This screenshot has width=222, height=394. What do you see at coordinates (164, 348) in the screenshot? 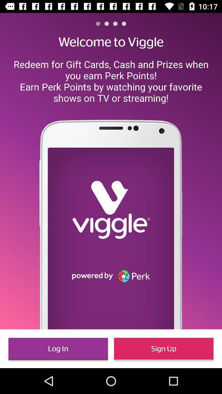
I see `sign up` at bounding box center [164, 348].